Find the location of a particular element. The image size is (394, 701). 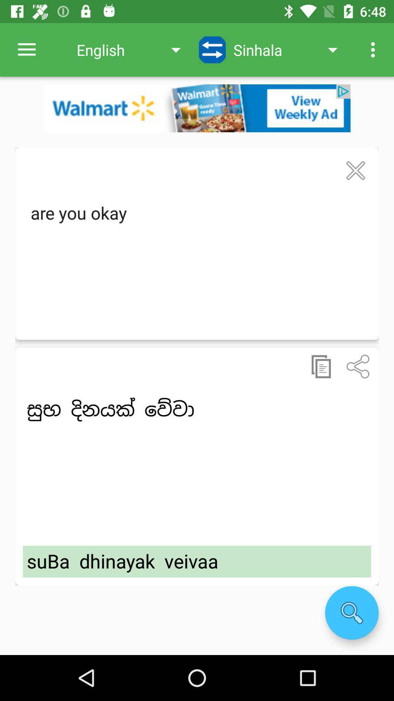

icon next to the english item is located at coordinates (212, 49).